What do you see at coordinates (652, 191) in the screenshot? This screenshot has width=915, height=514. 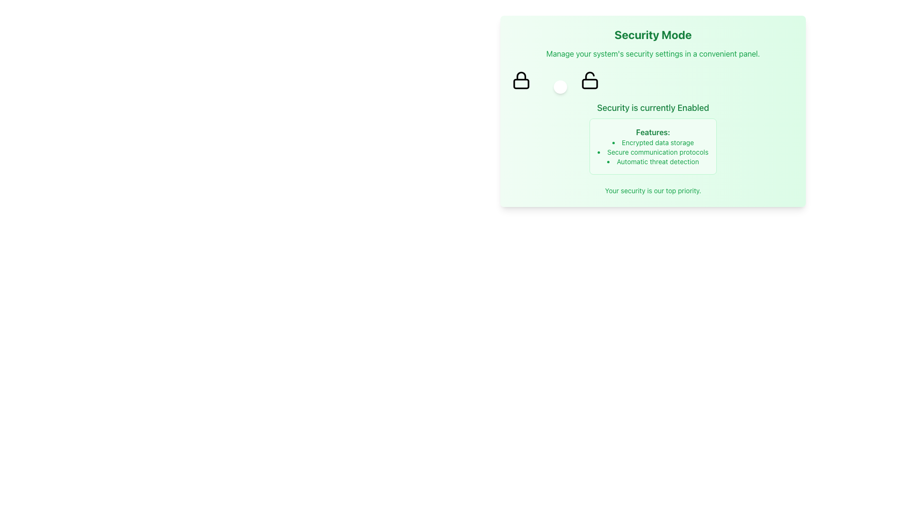 I see `the static informational text displaying 'Your security is our top priority.' which is styled in small green font and positioned at the bottom of the light green information panel` at bounding box center [652, 191].